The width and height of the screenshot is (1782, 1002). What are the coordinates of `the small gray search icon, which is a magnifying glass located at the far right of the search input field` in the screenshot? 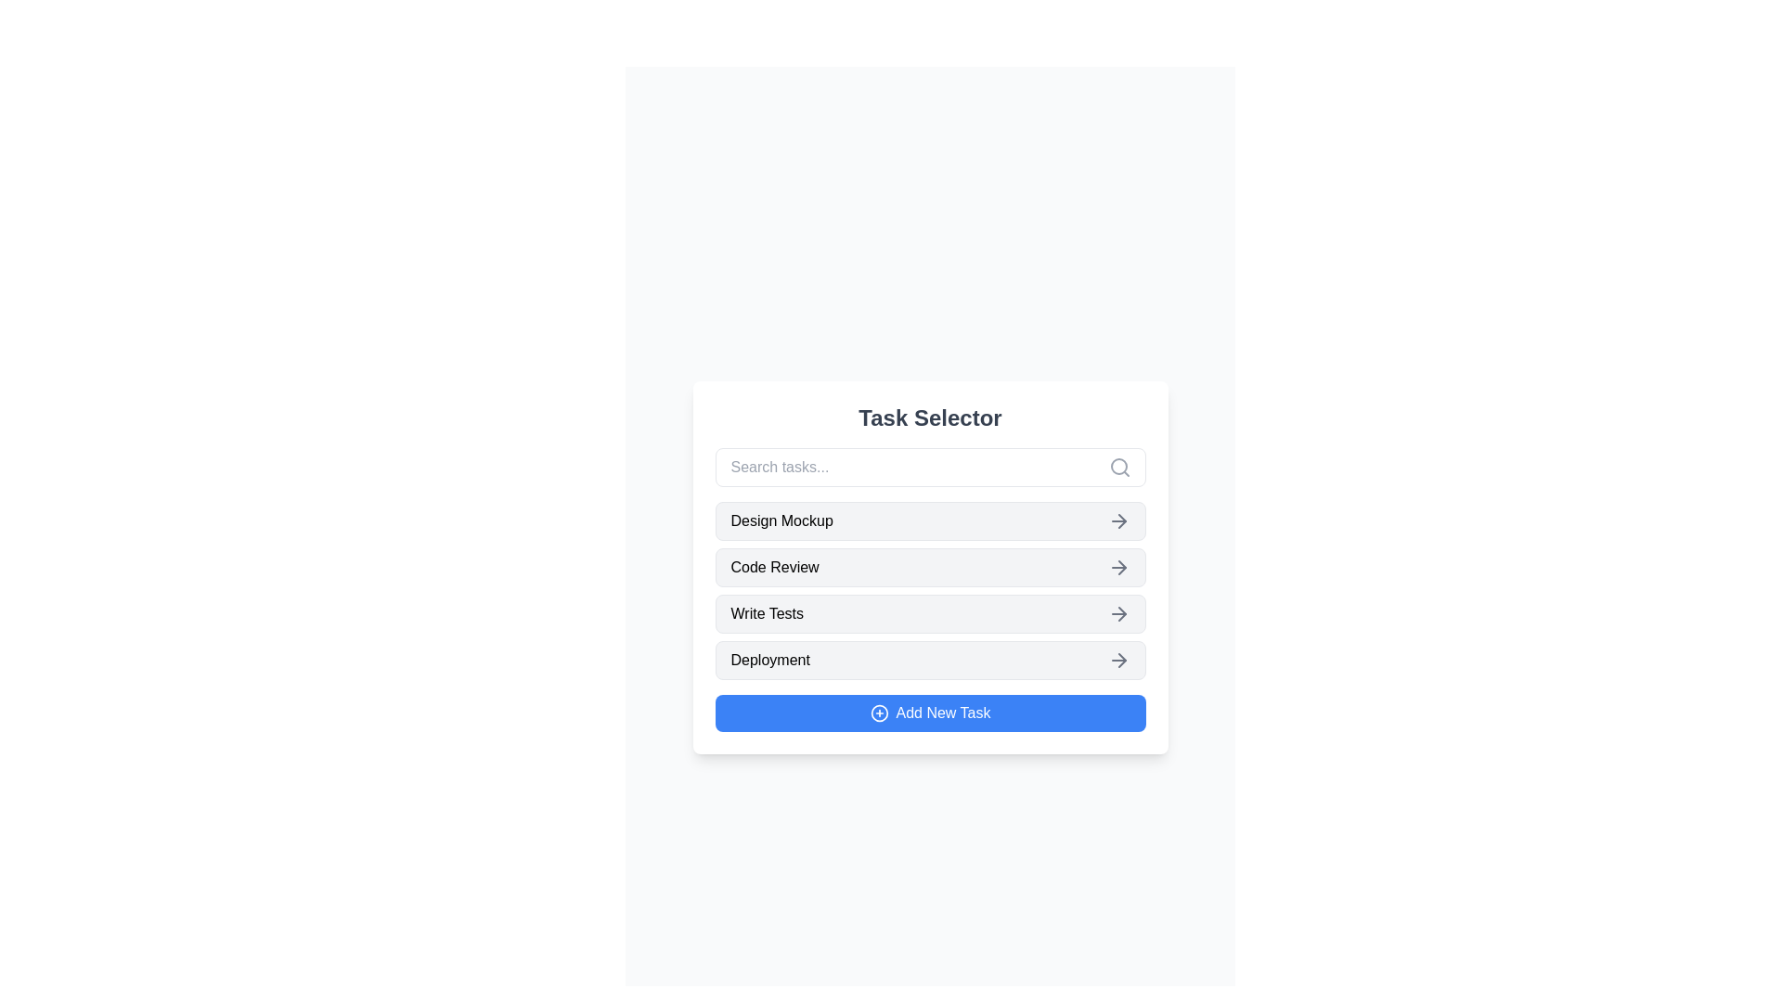 It's located at (1118, 467).